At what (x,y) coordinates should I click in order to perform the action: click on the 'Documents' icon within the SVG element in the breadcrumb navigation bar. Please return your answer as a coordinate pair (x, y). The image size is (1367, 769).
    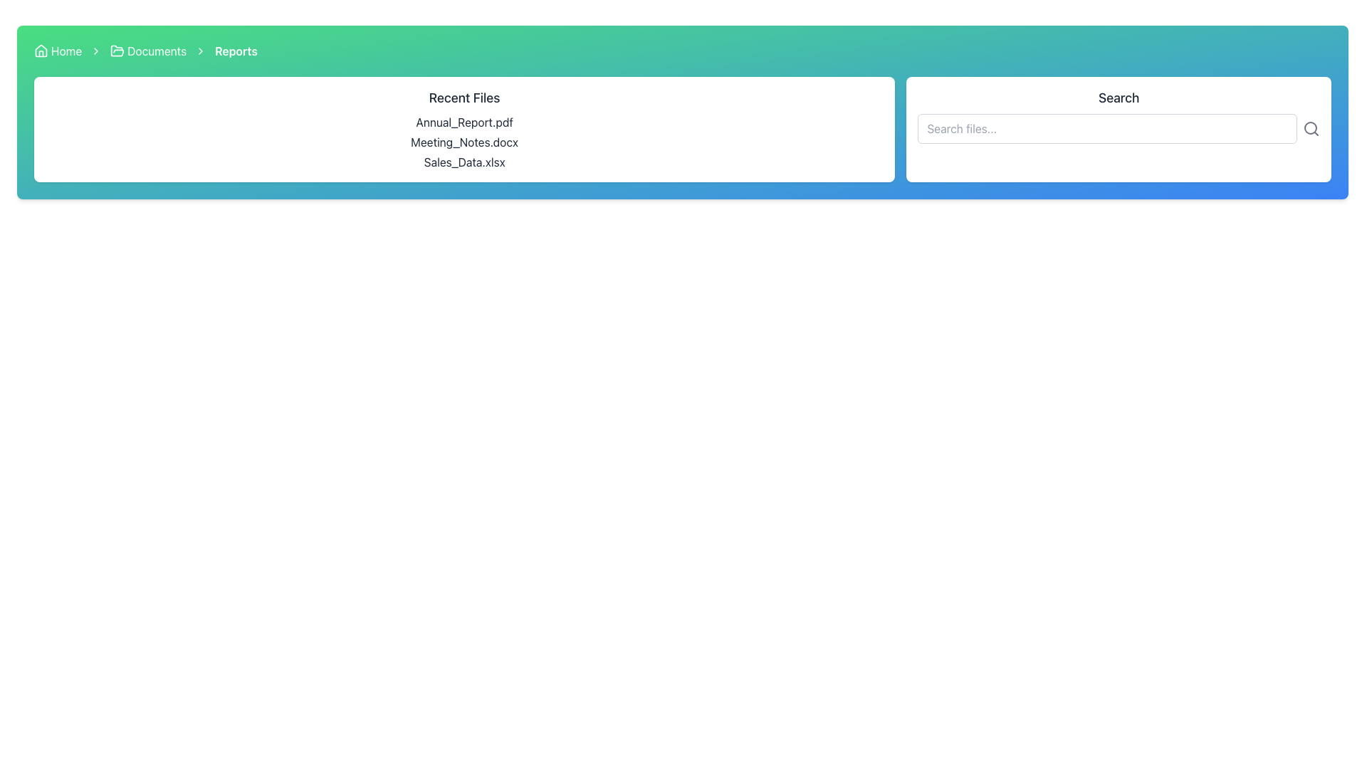
    Looking at the image, I should click on (117, 50).